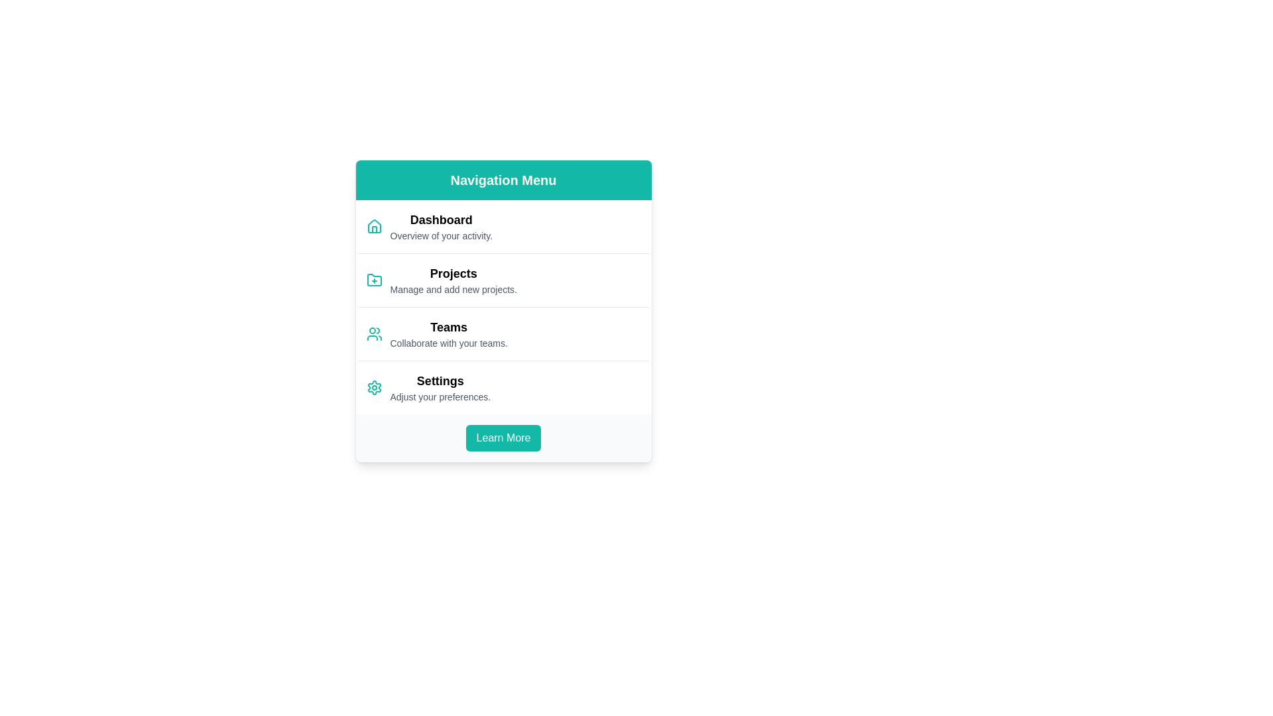 The height and width of the screenshot is (716, 1273). Describe the element at coordinates (440, 381) in the screenshot. I see `the navigational text label indicating the section for adjusting application preferences, which is positioned above the text 'Adjust your preferences.' and beside a gear icon in the bottom section of the 'Navigation Menu'` at that location.